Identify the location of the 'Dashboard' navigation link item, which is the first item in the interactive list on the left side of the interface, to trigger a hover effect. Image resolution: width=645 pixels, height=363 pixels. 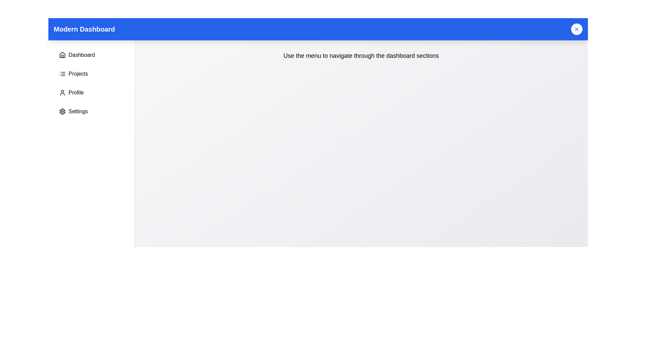
(91, 55).